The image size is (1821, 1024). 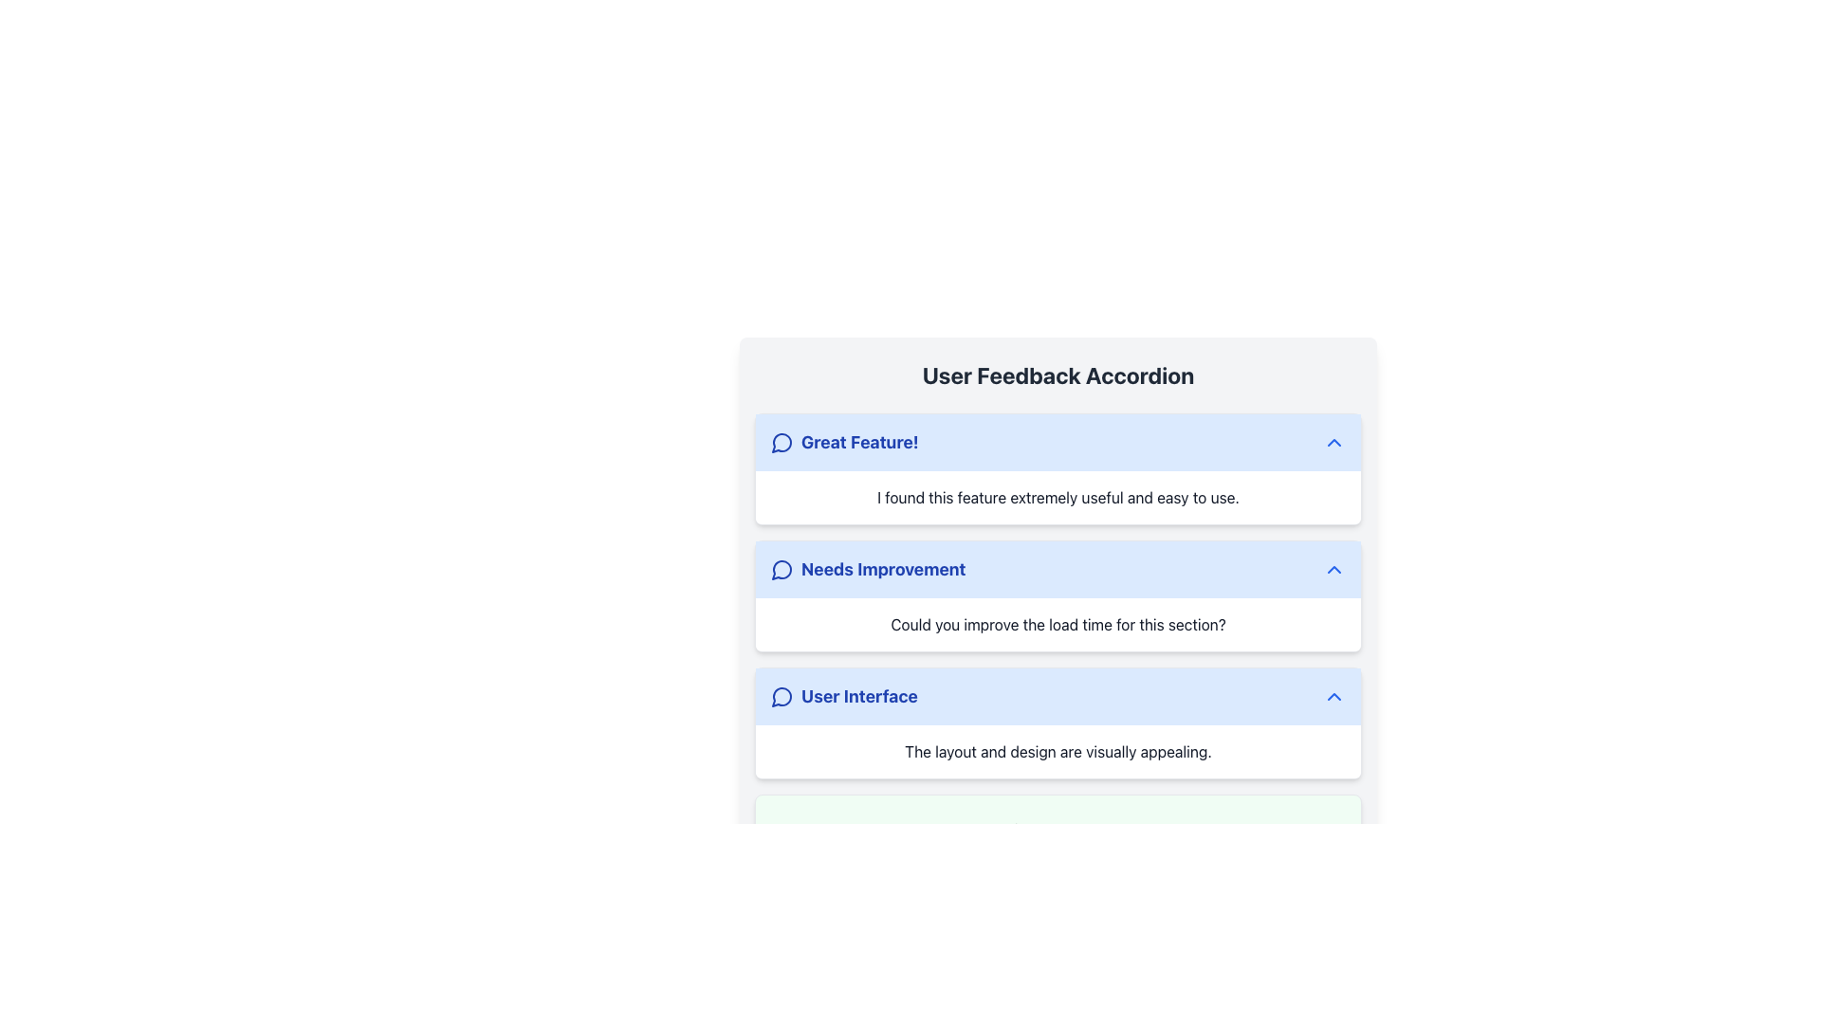 What do you see at coordinates (1058, 751) in the screenshot?
I see `text block that contains the message 'The layout and design are visually appealing.' which is styled with a white background and gray centered text, located in the 'User Interface' section` at bounding box center [1058, 751].